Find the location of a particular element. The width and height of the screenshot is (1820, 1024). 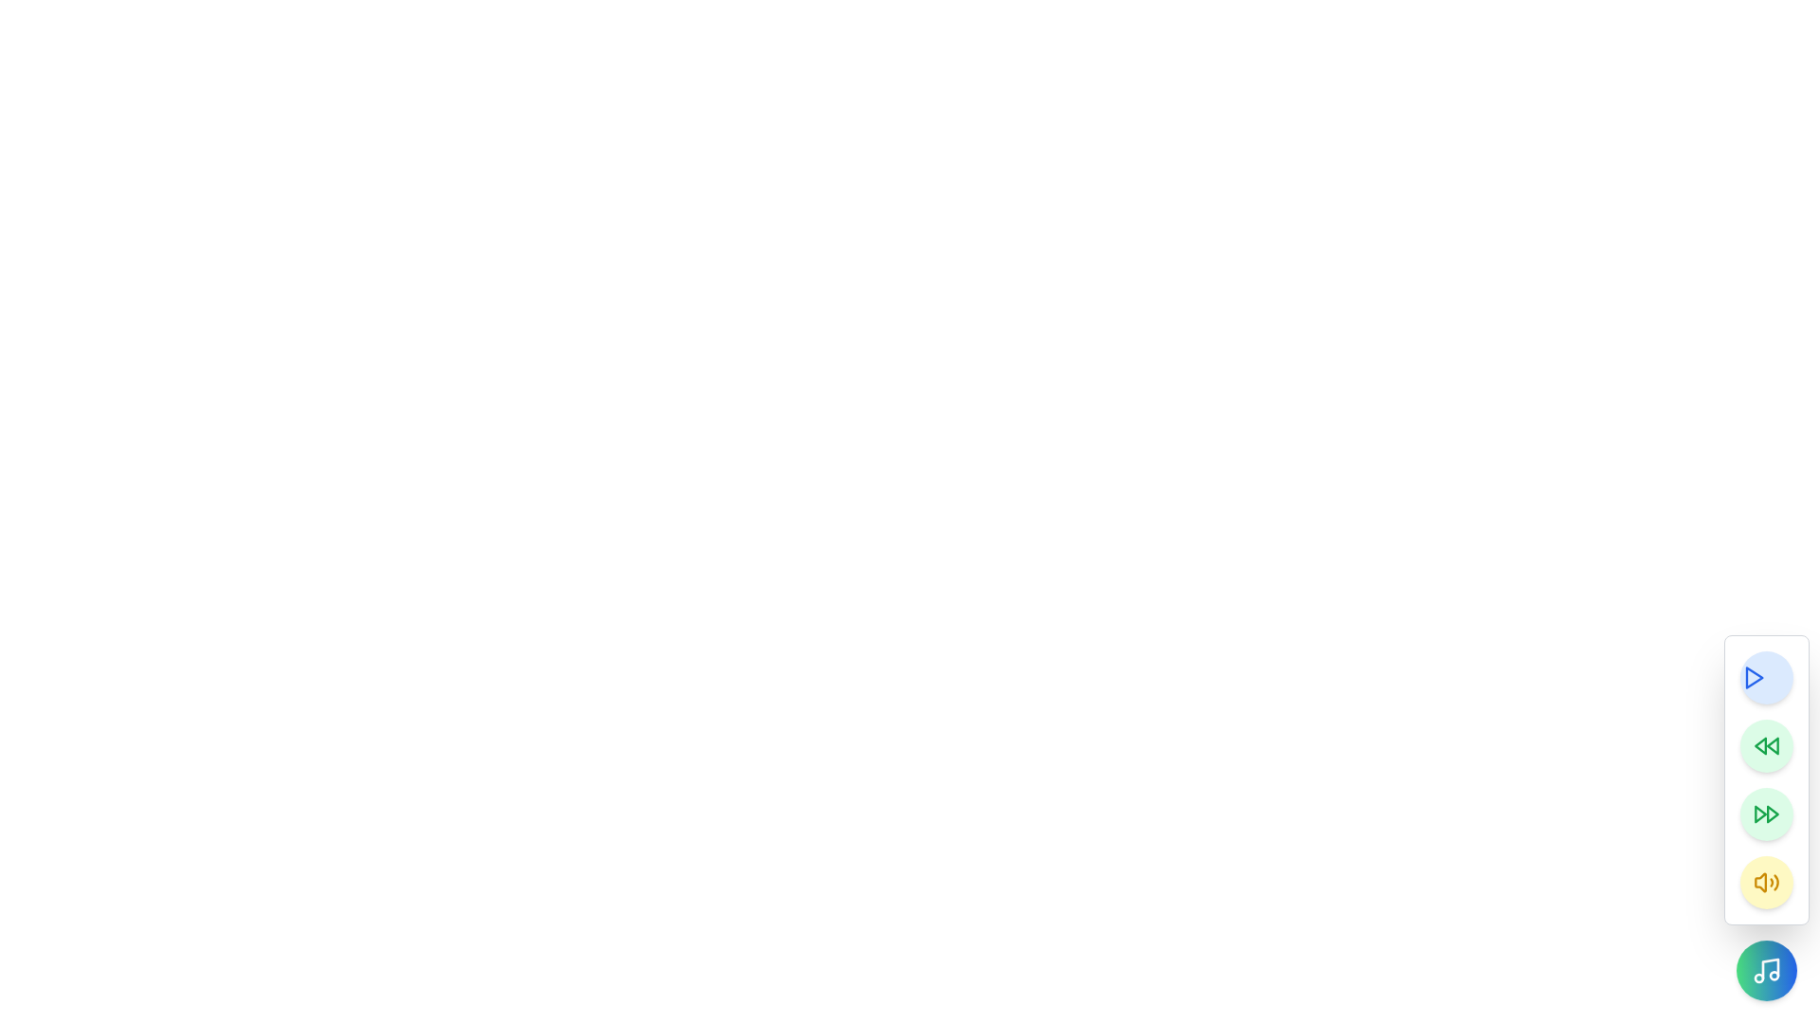

the audio control button located at the bottom-right corner of the interface to adjust the volume is located at coordinates (1765, 882).